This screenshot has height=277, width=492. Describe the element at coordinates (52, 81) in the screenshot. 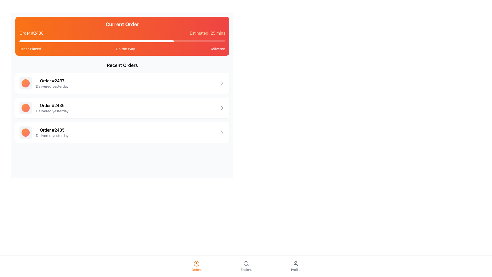

I see `information displayed in the text label showing 'Order #2437' which is the primary line in the 'Recent Orders' section` at that location.